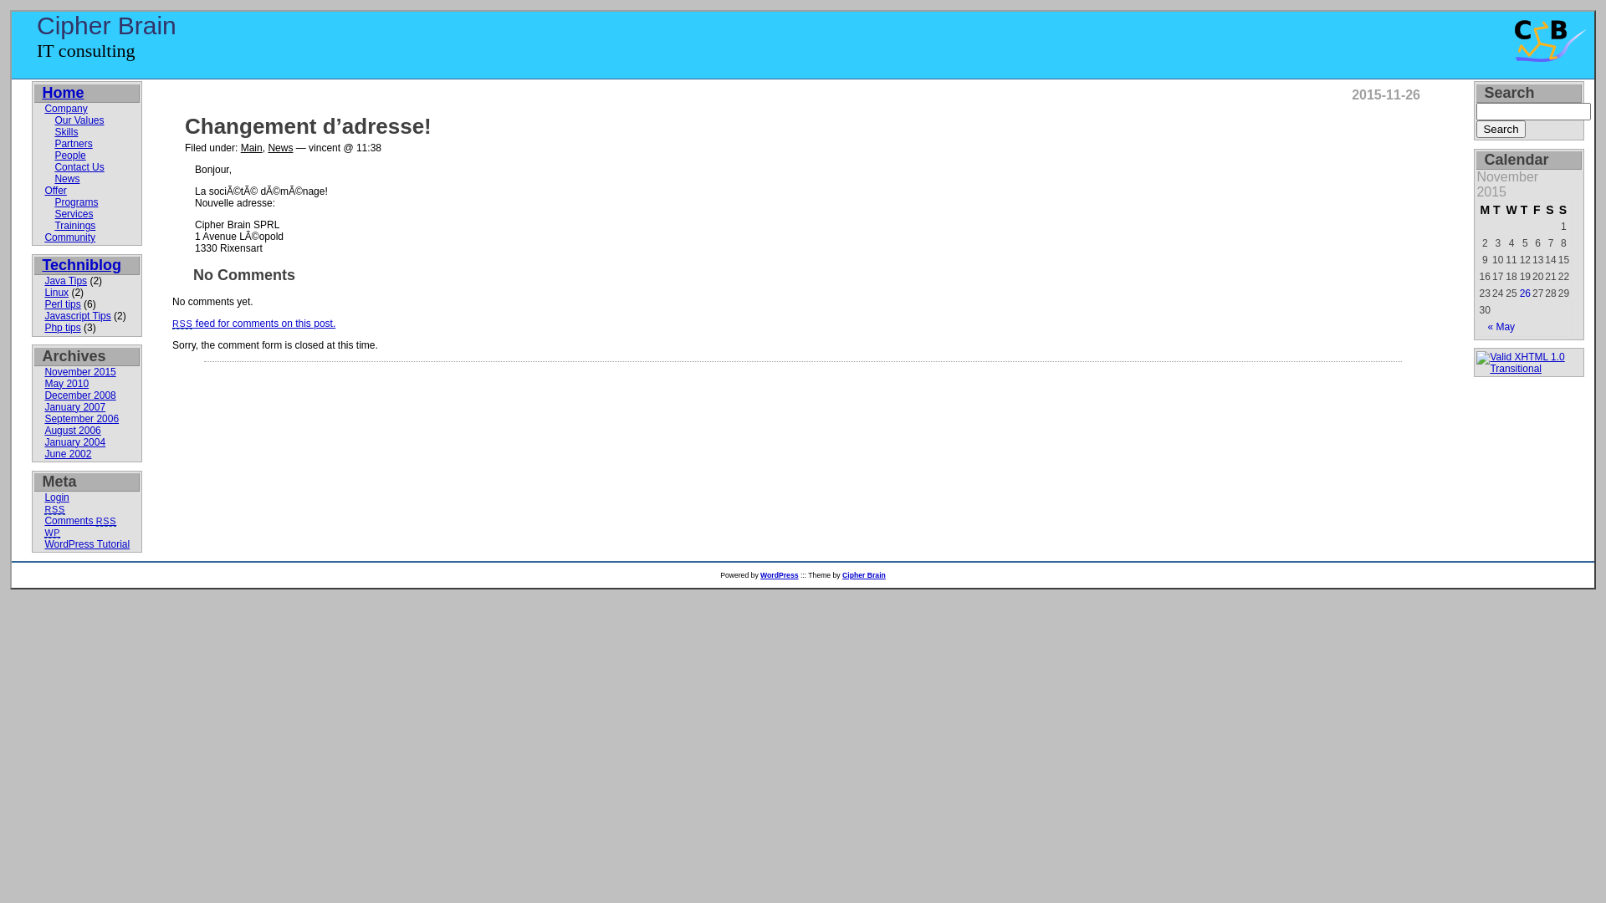 This screenshot has height=903, width=1606. What do you see at coordinates (67, 454) in the screenshot?
I see `'June 2002'` at bounding box center [67, 454].